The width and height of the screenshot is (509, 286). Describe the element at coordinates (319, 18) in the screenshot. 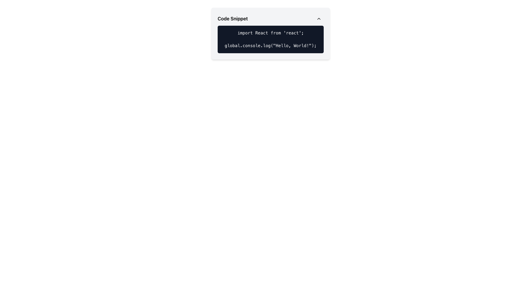

I see `the triangular-shaped icon button with an embedded SVG graphic located at the top-right corner of the 'Code Snippet' header` at that location.